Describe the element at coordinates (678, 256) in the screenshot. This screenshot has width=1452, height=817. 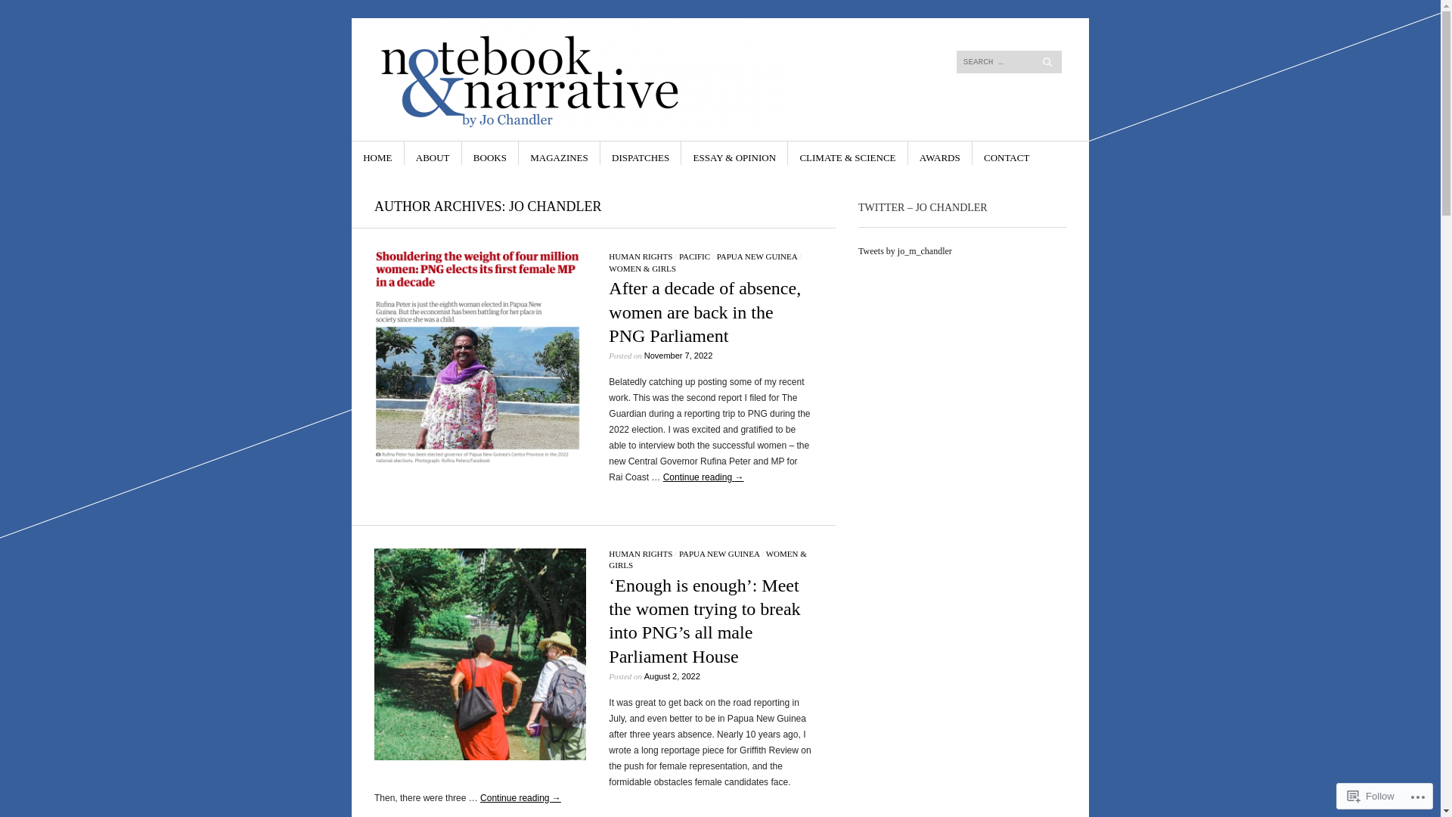
I see `'PACIFIC'` at that location.